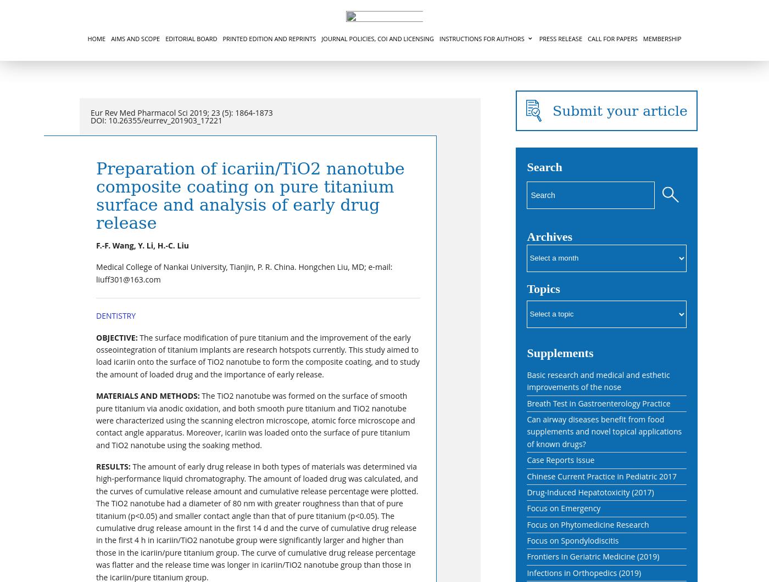  Describe the element at coordinates (560, 460) in the screenshot. I see `'Case Reports Issue'` at that location.